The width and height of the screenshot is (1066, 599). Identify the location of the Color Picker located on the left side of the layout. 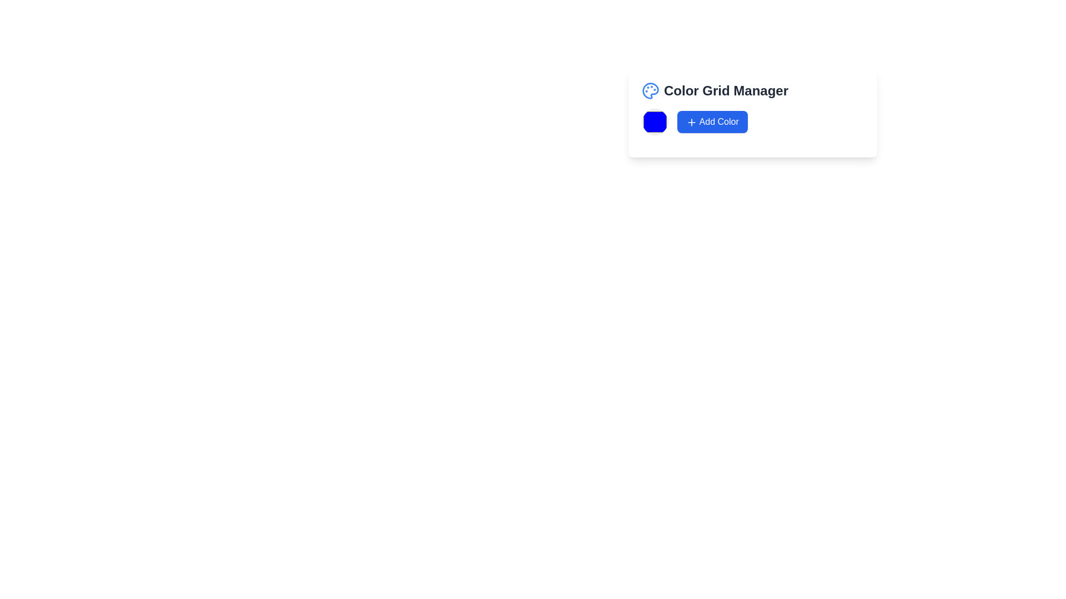
(655, 121).